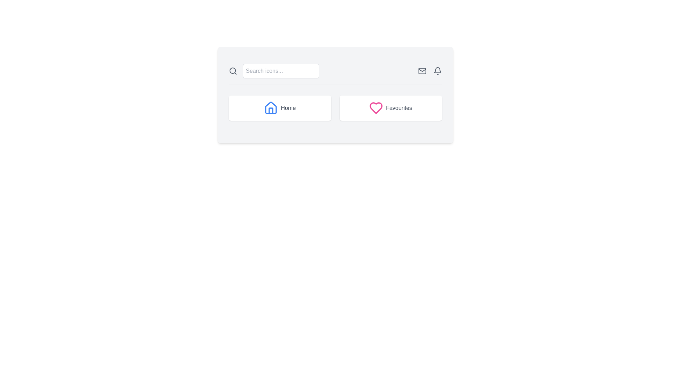 The width and height of the screenshot is (673, 378). Describe the element at coordinates (232, 70) in the screenshot. I see `the circular SVG icon representing a search function, which has a radius of 8 units and is styled with a stroke, located near the top-left corner of the search interface` at that location.